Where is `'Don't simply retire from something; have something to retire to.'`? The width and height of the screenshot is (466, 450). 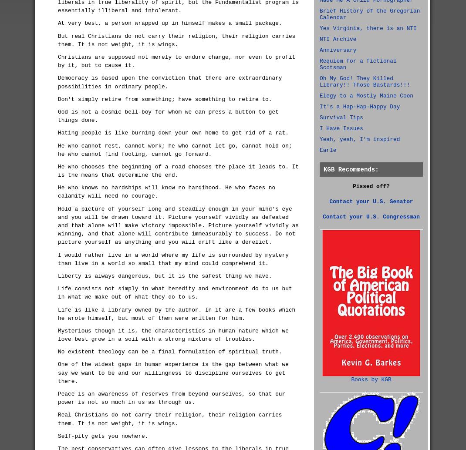
'Don't simply retire from something; have something to retire to.' is located at coordinates (164, 99).